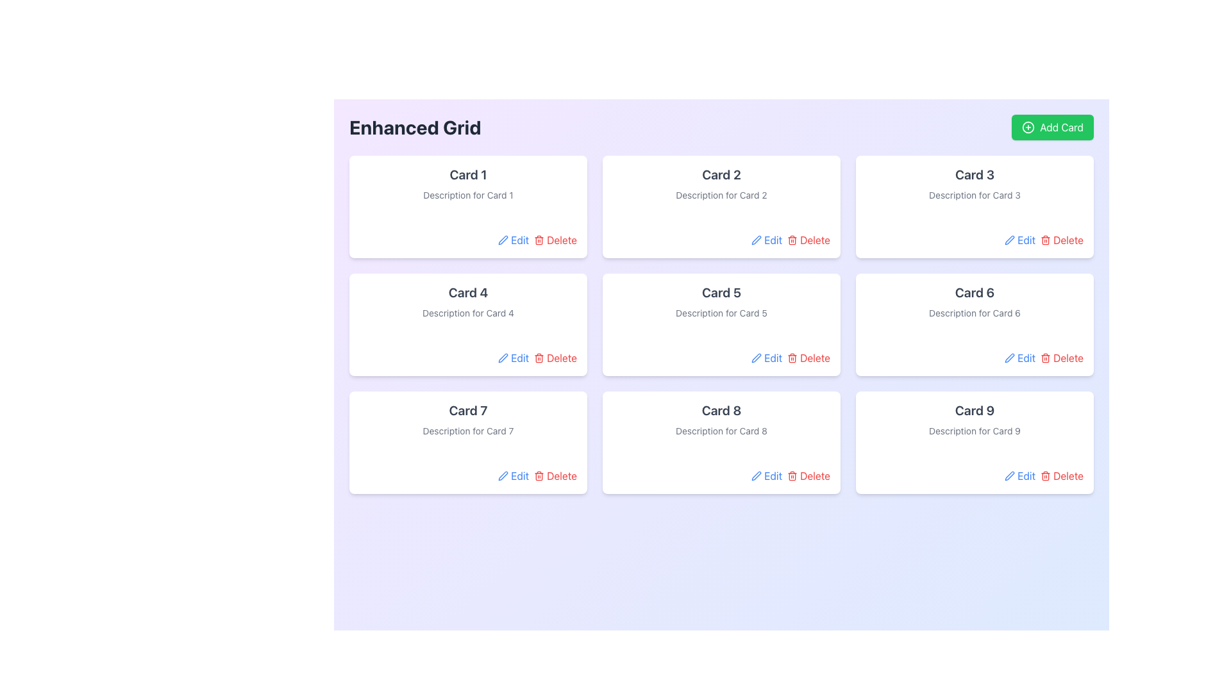  What do you see at coordinates (467, 476) in the screenshot?
I see `the 'Edit' and 'Delete' buttons in the Action group located at the lower right corner of 'Card 7' for additional styling effects` at bounding box center [467, 476].